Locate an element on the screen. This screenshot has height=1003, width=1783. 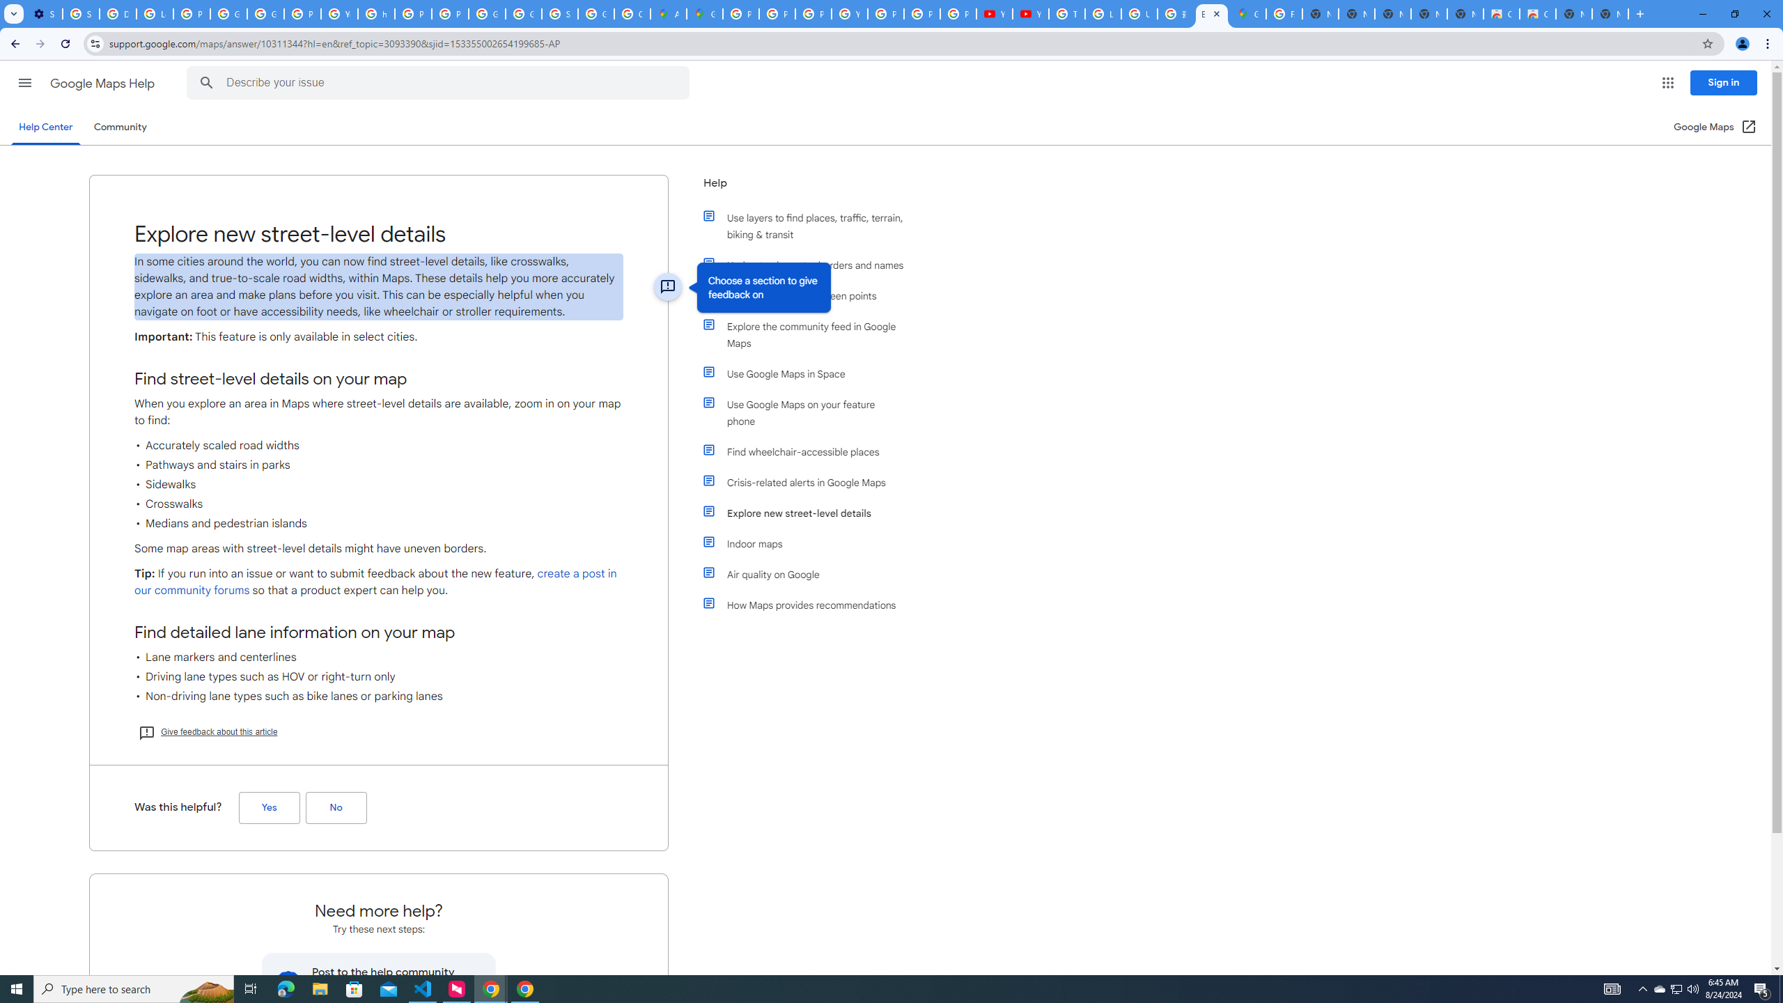
'New Tab' is located at coordinates (1610, 13).